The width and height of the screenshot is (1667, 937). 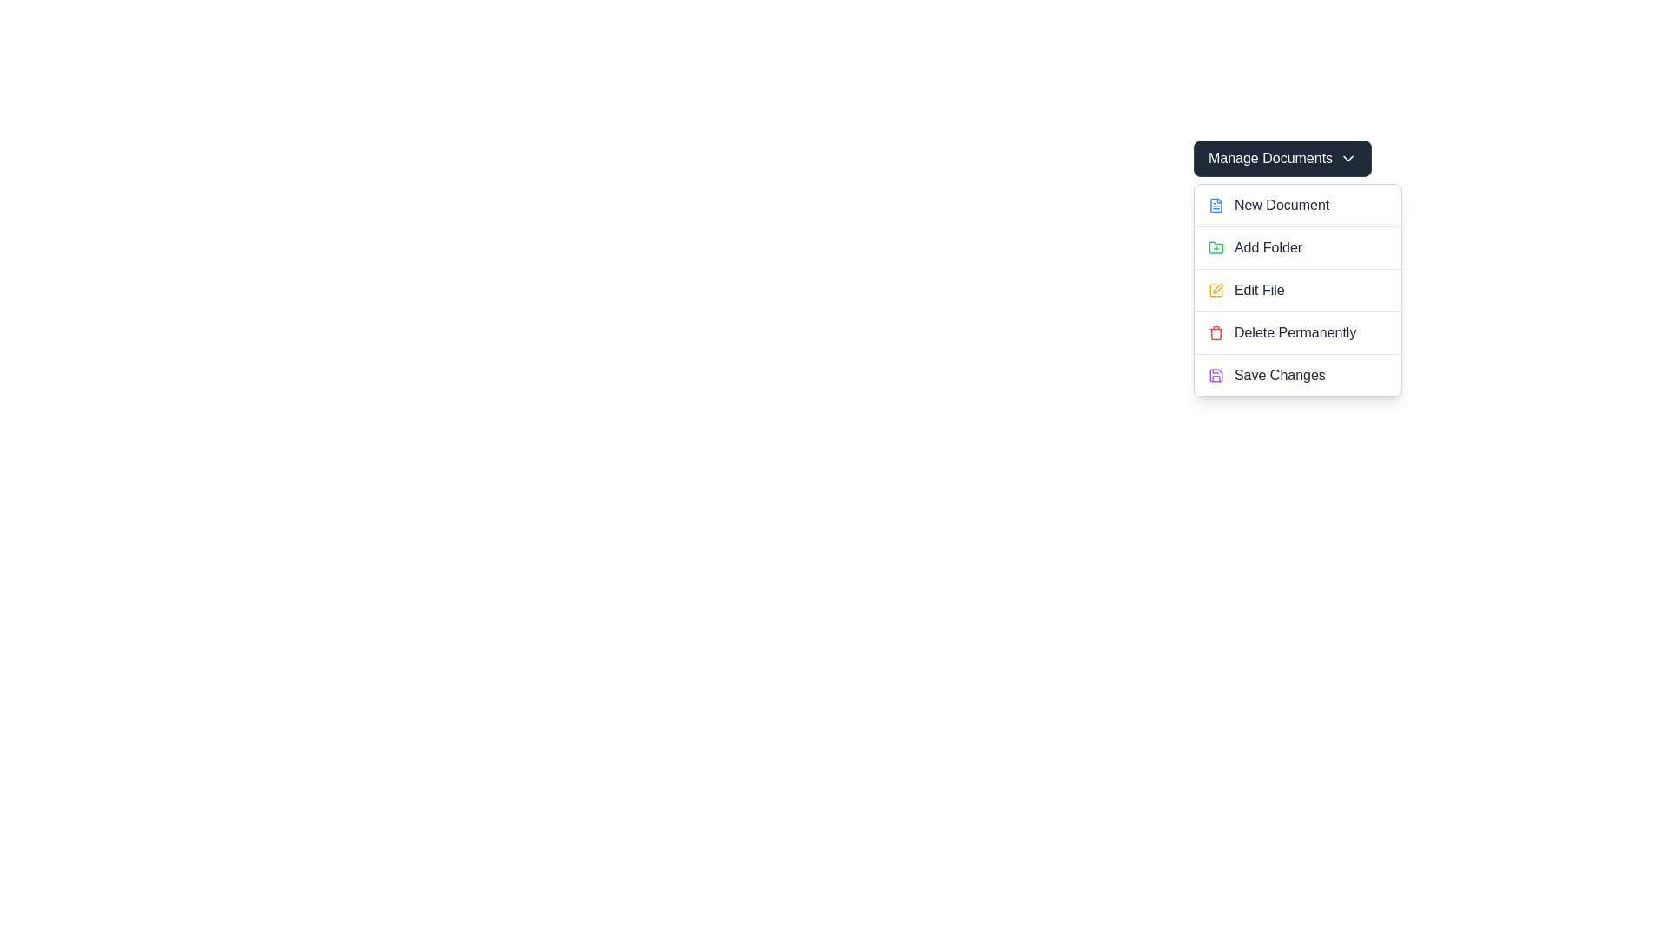 I want to click on the edit option in the dropdown menu for managing documents, so click(x=1297, y=290).